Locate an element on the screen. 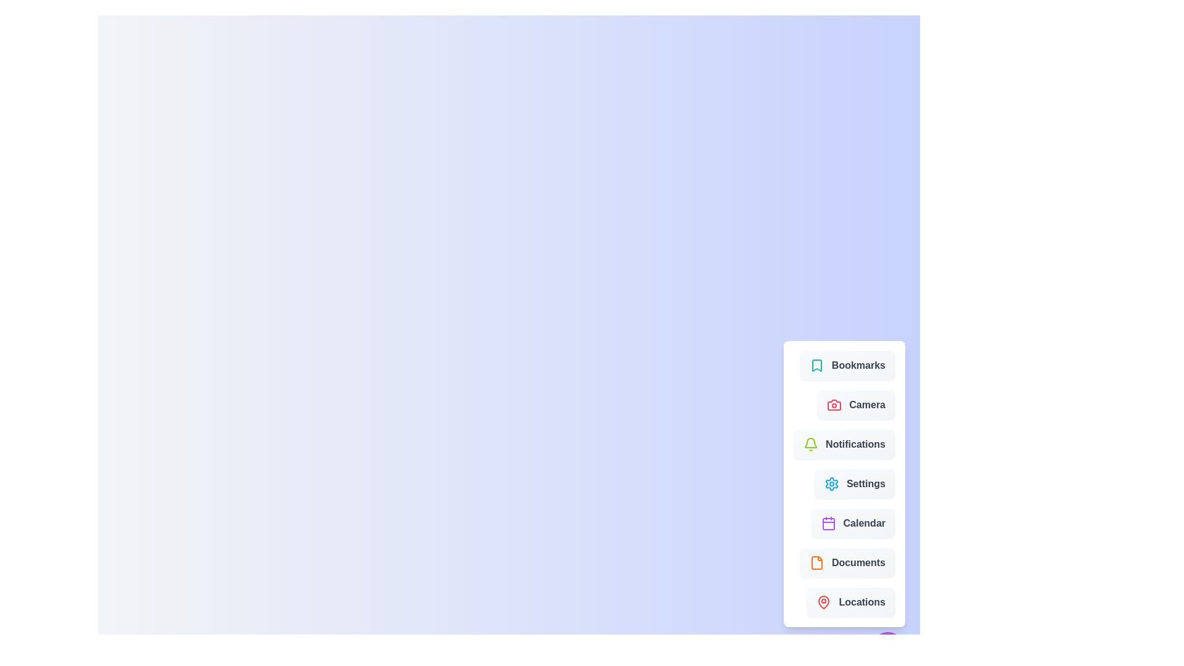 This screenshot has width=1184, height=666. the menu item corresponding to Camera to activate its action is located at coordinates (855, 405).